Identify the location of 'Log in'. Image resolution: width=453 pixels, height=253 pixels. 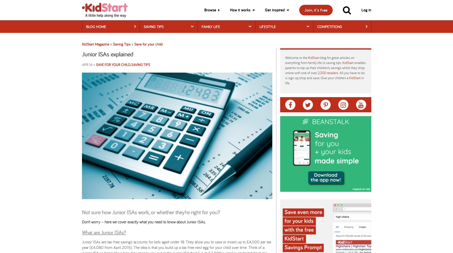
(366, 10).